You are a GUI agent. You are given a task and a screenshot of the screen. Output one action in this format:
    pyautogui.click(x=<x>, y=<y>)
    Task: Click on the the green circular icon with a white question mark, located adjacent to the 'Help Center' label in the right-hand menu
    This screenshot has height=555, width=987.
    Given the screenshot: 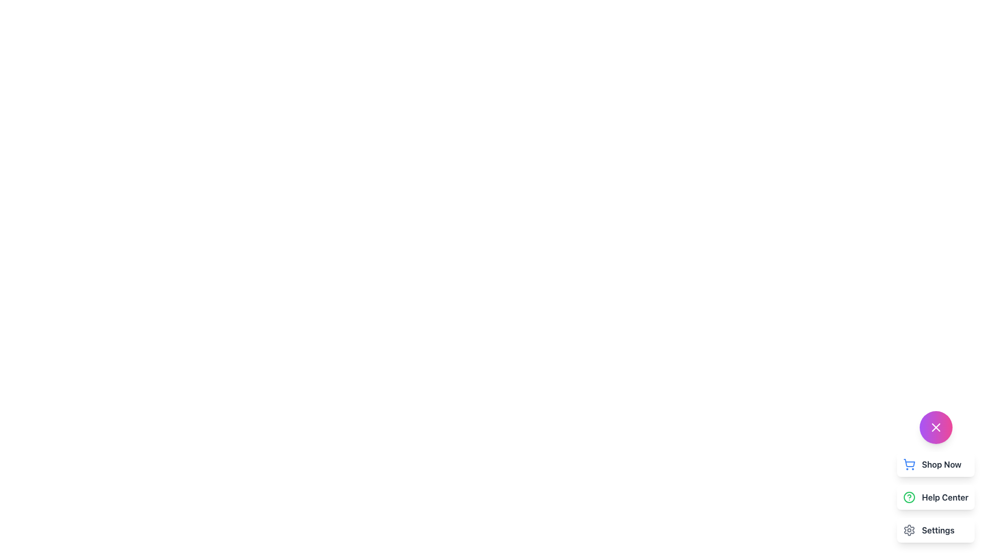 What is the action you would take?
    pyautogui.click(x=909, y=497)
    